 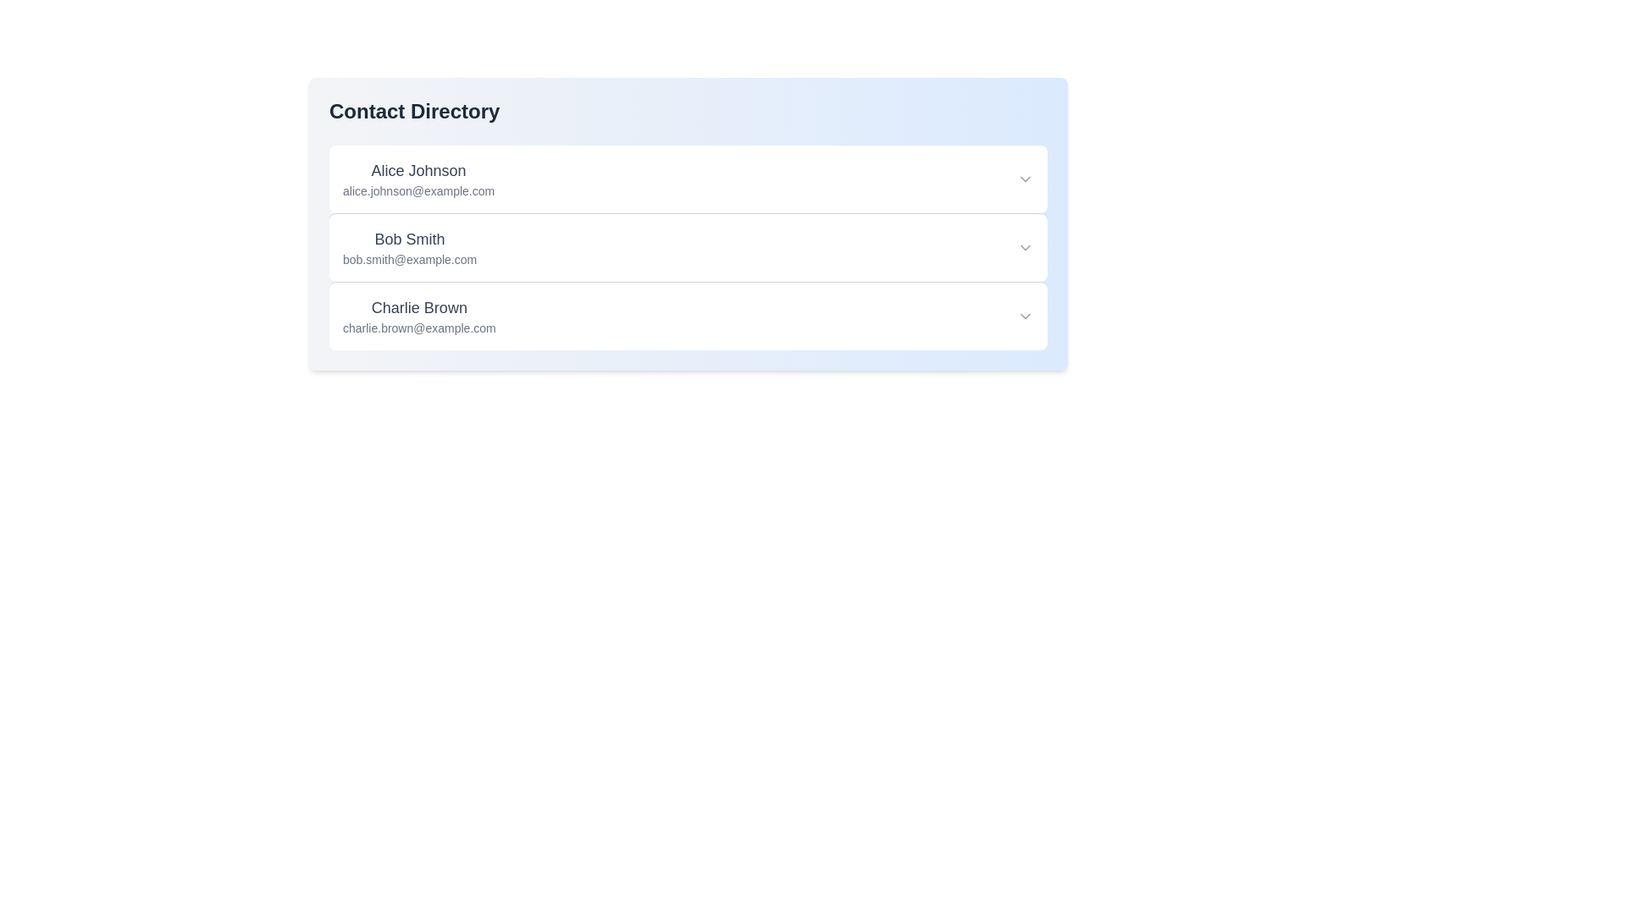 What do you see at coordinates (1024, 179) in the screenshot?
I see `the icon button located at the far-right side of the row containing user details` at bounding box center [1024, 179].